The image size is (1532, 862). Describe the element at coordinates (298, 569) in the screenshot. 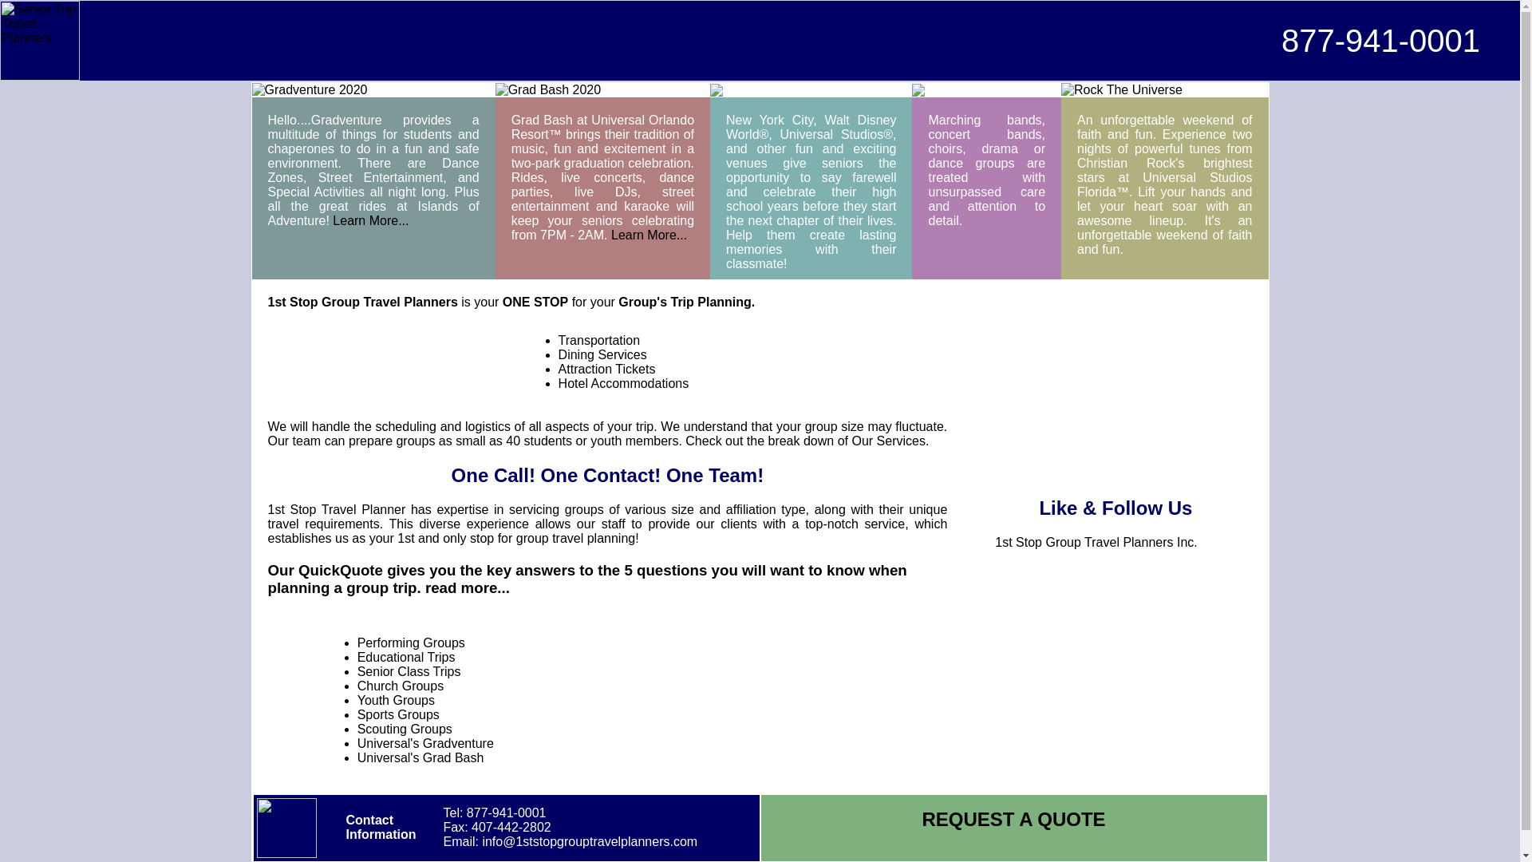

I see `'QuickQuote'` at that location.